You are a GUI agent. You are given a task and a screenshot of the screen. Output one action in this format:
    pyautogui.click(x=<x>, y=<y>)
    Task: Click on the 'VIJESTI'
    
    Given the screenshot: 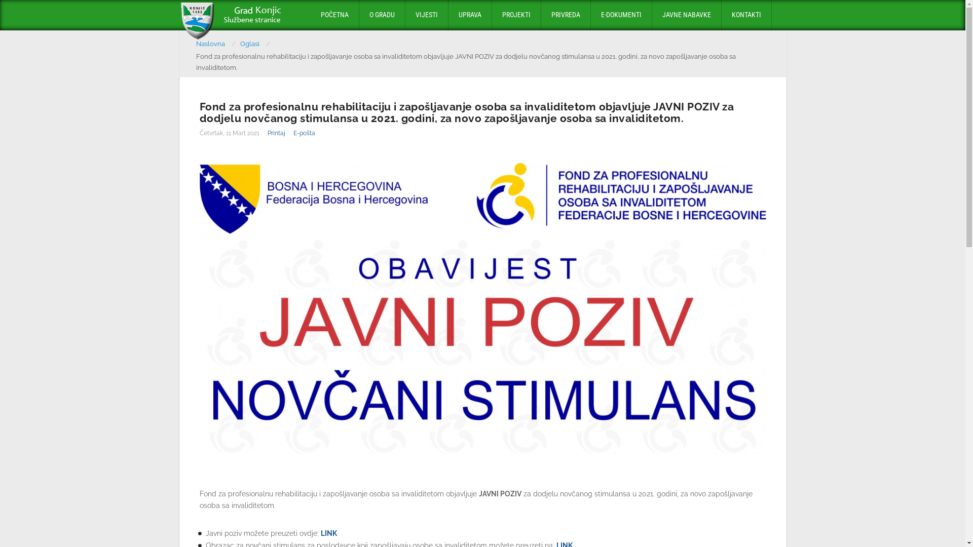 What is the action you would take?
    pyautogui.click(x=426, y=15)
    